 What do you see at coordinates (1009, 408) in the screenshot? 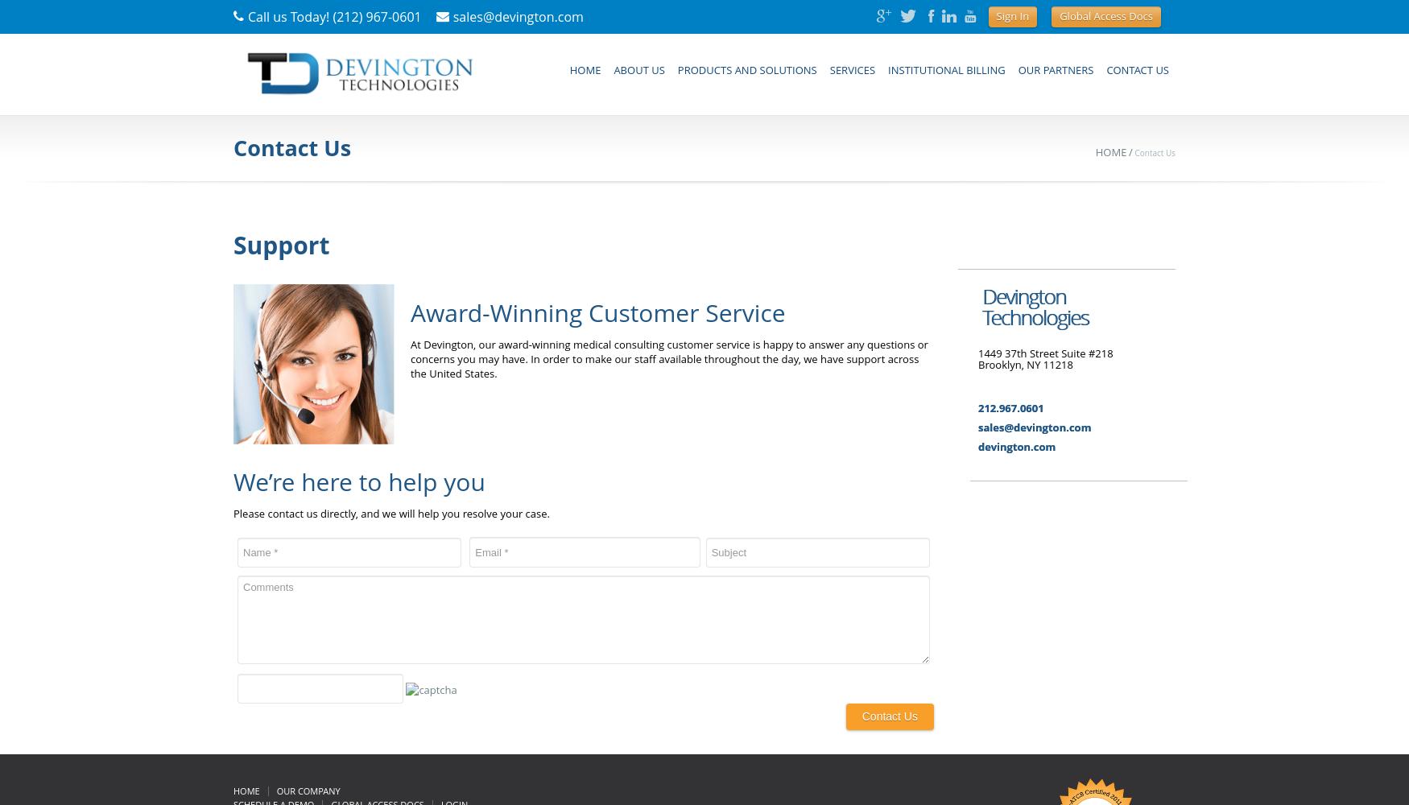
I see `'212.967.0601'` at bounding box center [1009, 408].